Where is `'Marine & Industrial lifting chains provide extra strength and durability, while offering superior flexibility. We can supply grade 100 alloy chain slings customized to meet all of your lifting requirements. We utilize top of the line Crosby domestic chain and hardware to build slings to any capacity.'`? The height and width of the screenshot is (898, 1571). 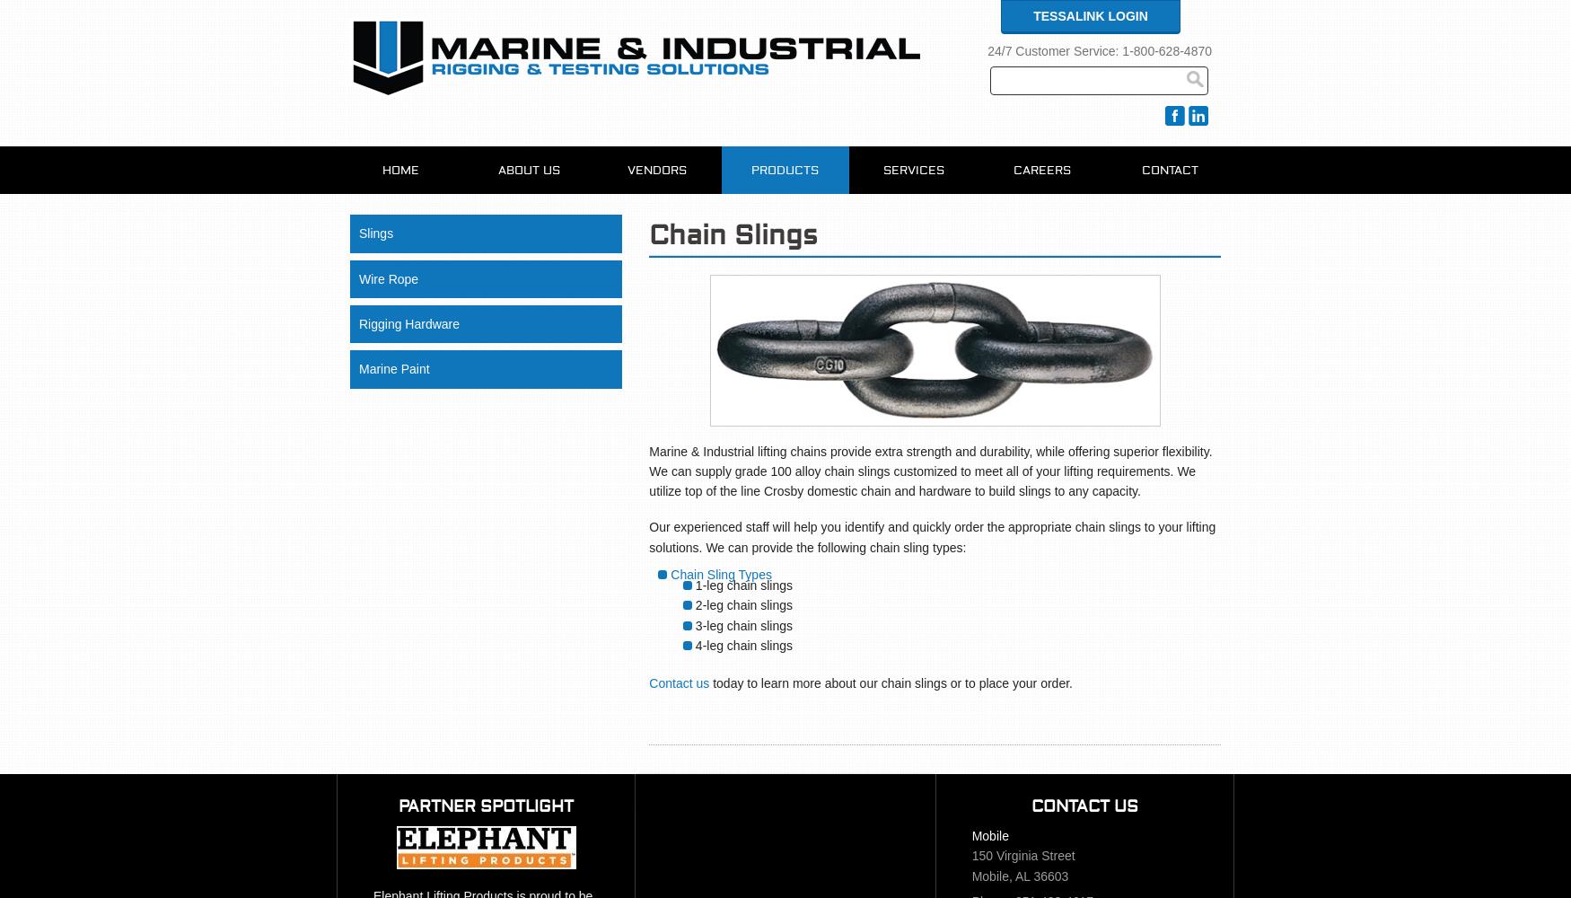 'Marine & Industrial lifting chains provide extra strength and durability, while offering superior flexibility. We can supply grade 100 alloy chain slings customized to meet all of your lifting requirements. We utilize top of the line Crosby domestic chain and hardware to build slings to any capacity.' is located at coordinates (929, 471).